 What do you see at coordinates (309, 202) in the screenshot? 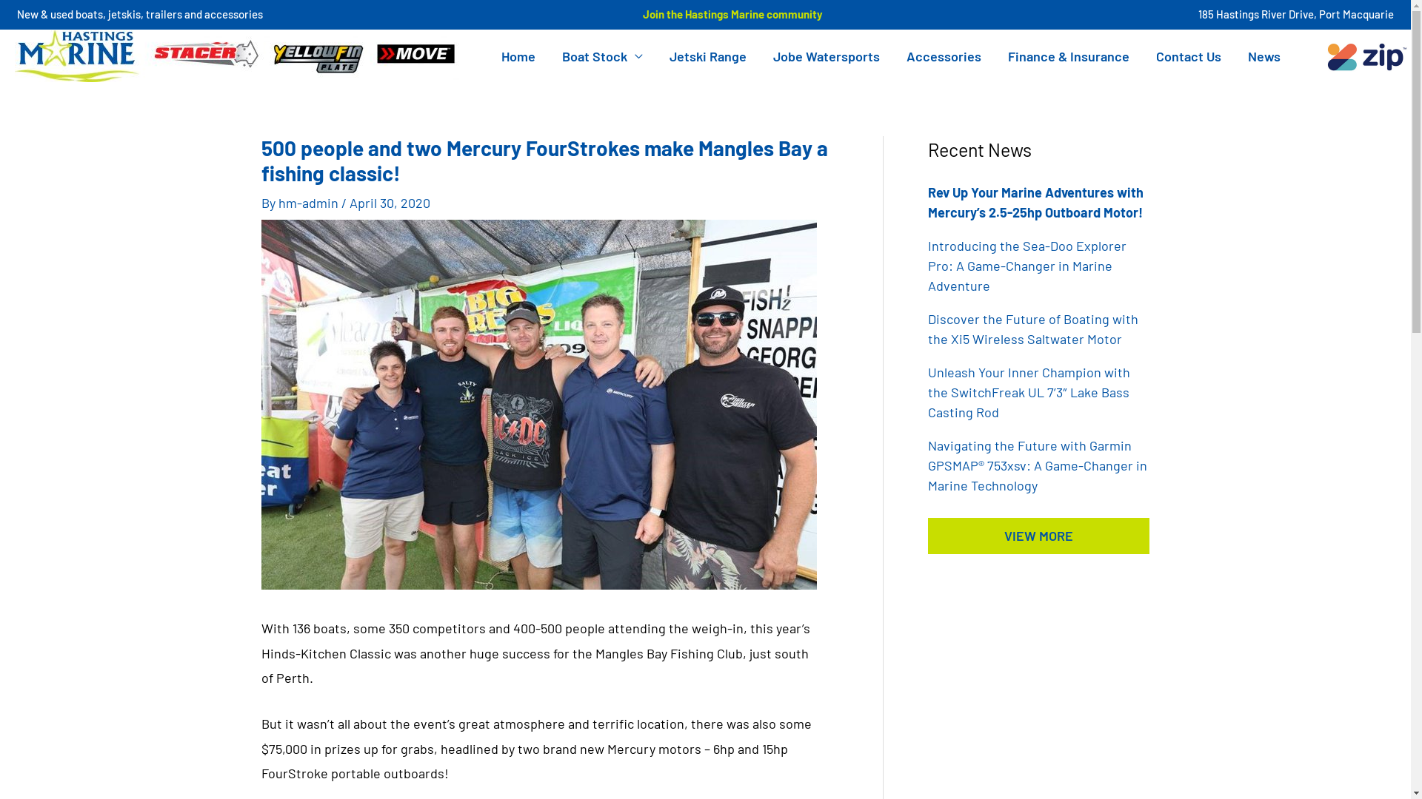
I see `'hm-admin'` at bounding box center [309, 202].